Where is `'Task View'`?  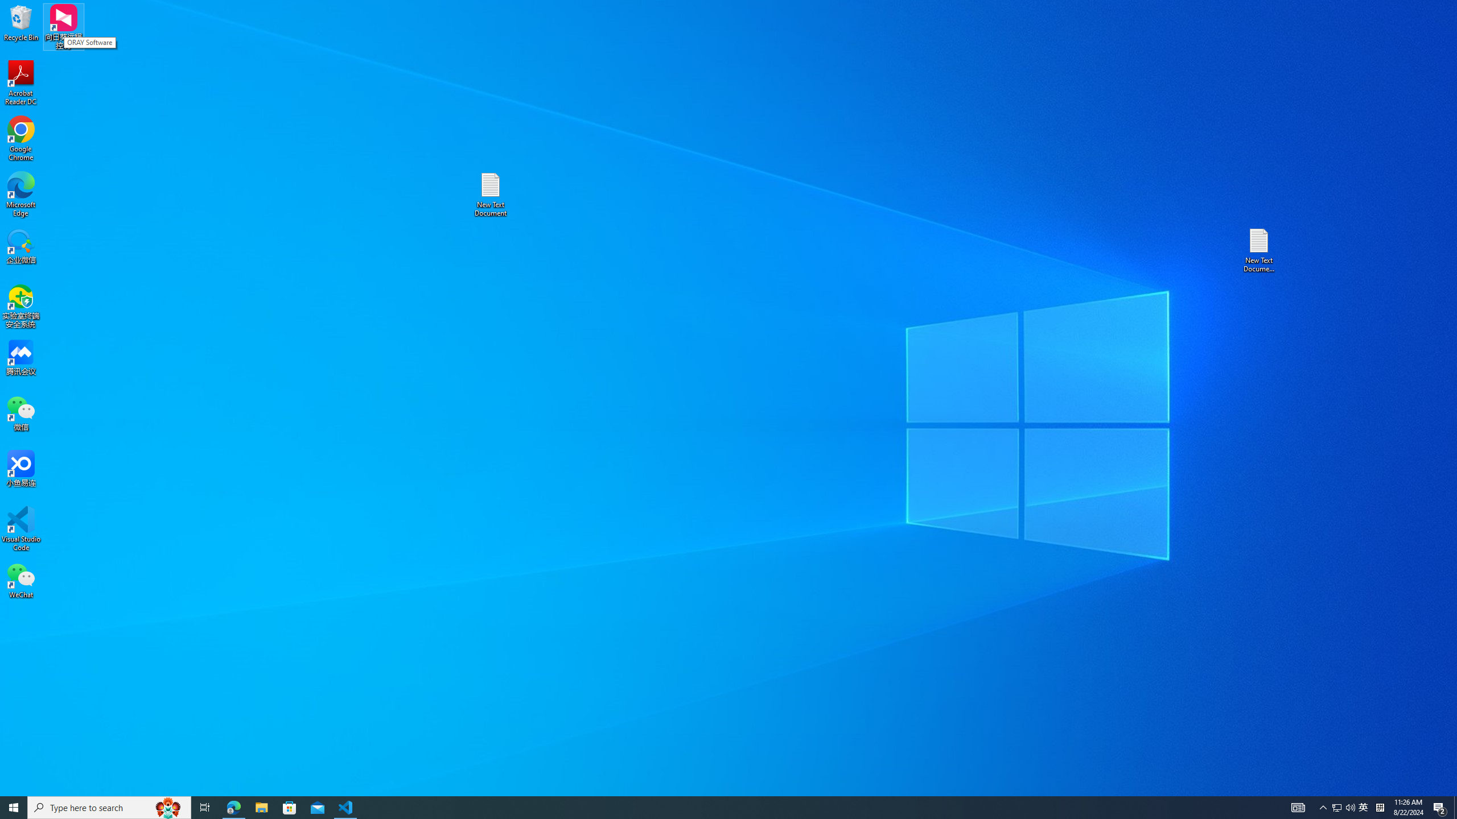
'Task View' is located at coordinates (204, 806).